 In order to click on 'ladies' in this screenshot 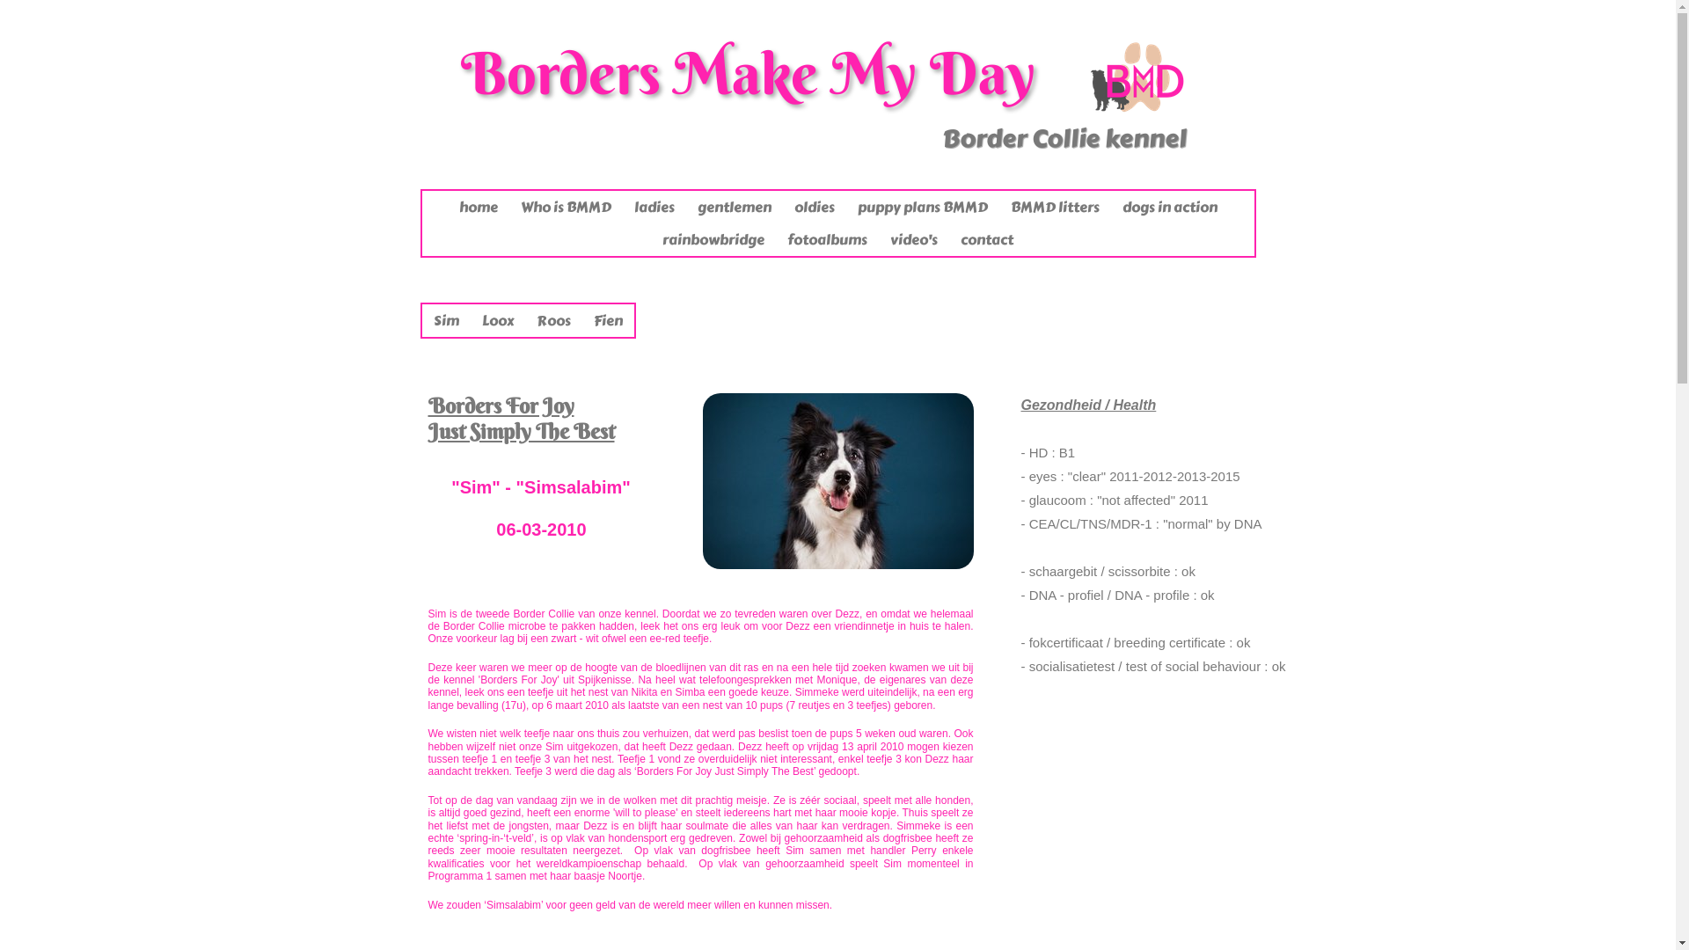, I will do `click(623, 206)`.